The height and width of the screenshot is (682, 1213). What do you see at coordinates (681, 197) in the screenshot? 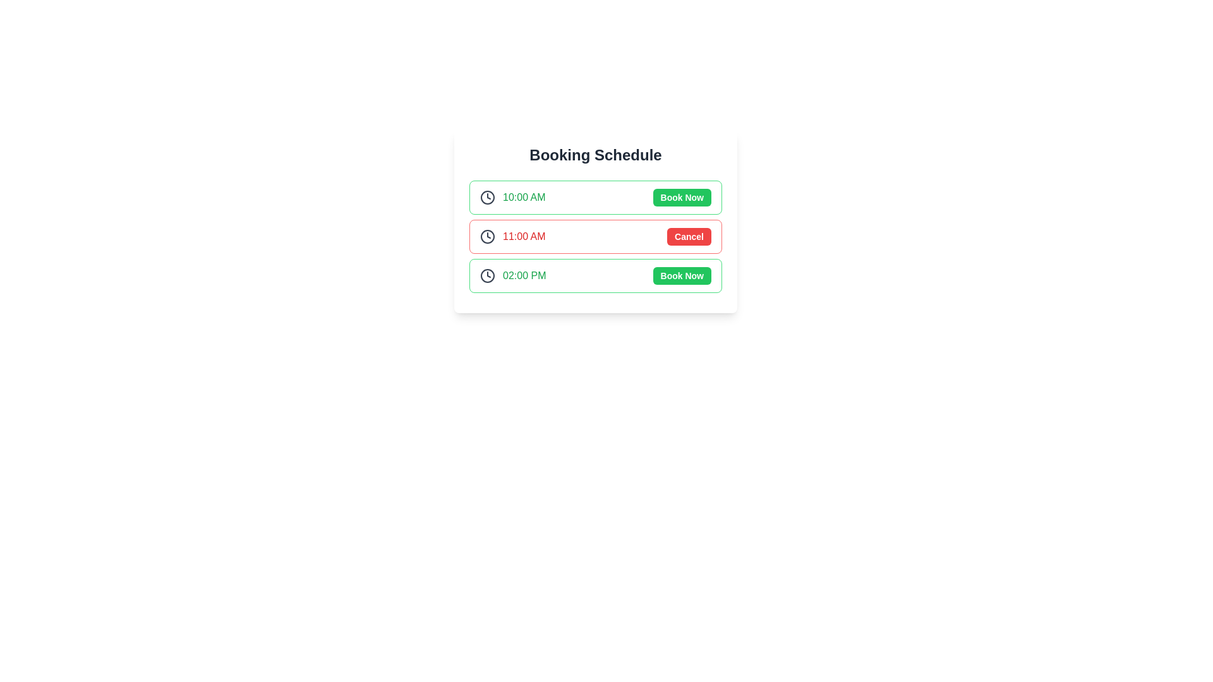
I see `the 'Book Now' button, which is a horizontally rectangular button with a green background and bold white text, to change its color` at bounding box center [681, 197].